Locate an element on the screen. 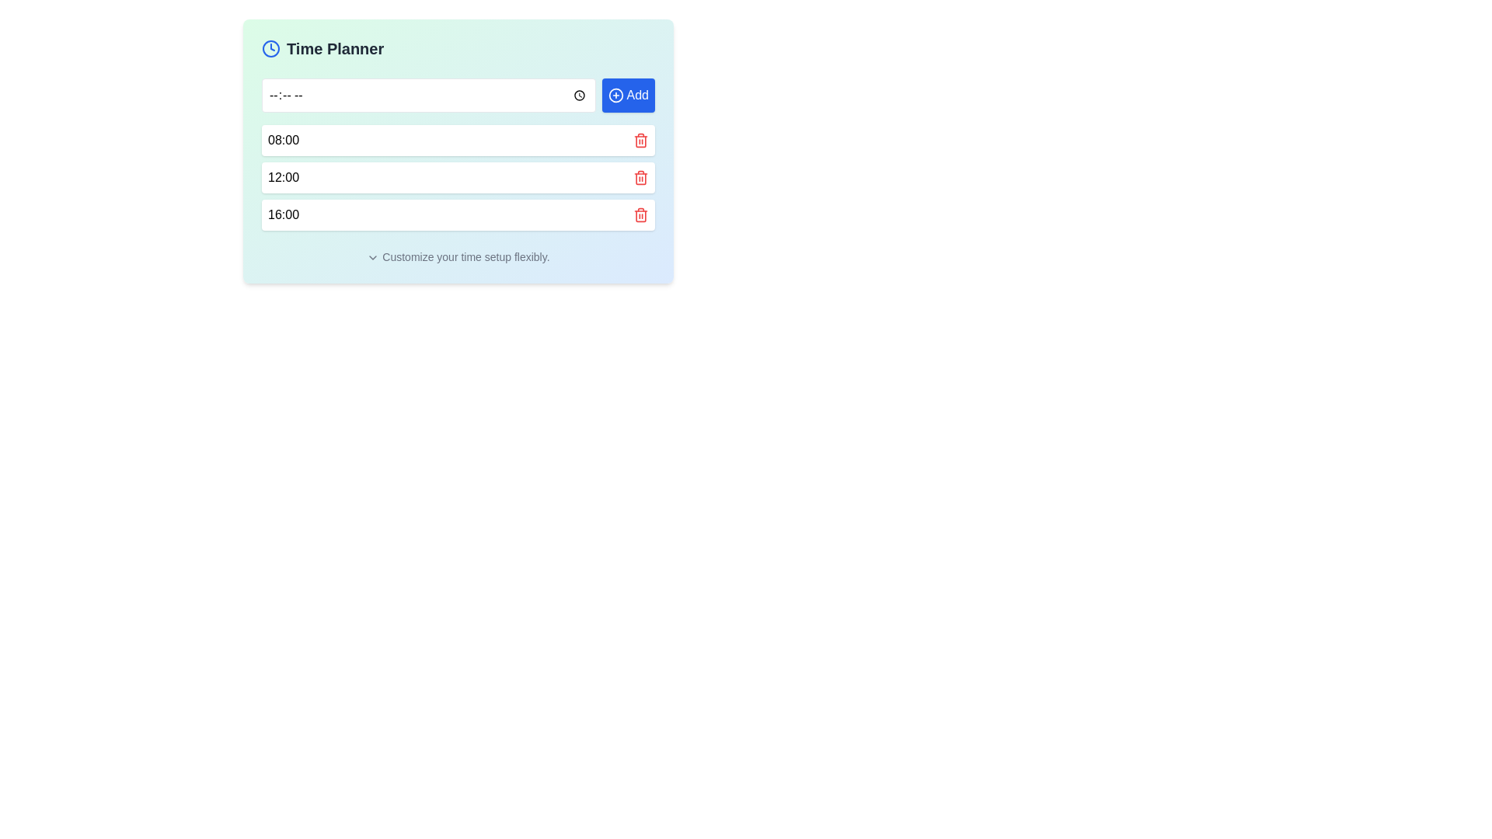 This screenshot has height=839, width=1492. the vibrant blue 'Add' button located at the top right of the 'Time Planner' panel is located at coordinates (628, 96).